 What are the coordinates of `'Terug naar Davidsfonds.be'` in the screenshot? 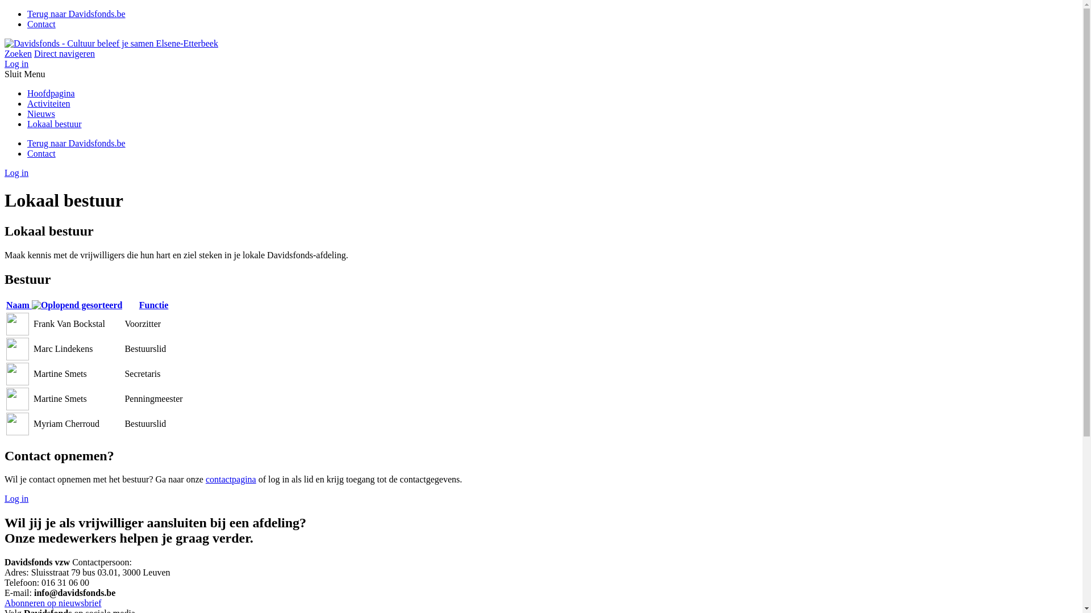 It's located at (27, 142).